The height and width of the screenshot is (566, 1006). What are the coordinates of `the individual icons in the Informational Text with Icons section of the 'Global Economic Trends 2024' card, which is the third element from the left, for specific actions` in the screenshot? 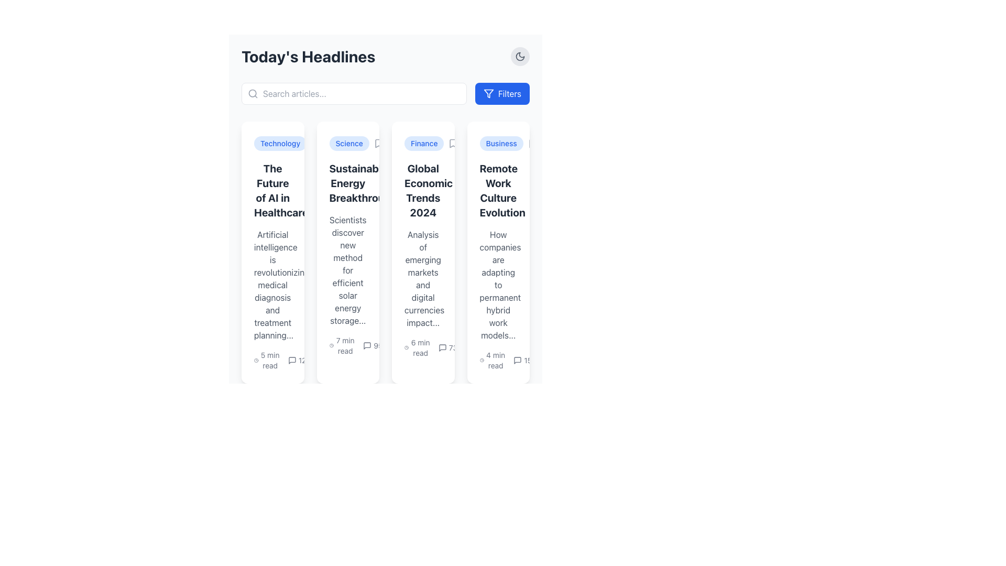 It's located at (431, 347).